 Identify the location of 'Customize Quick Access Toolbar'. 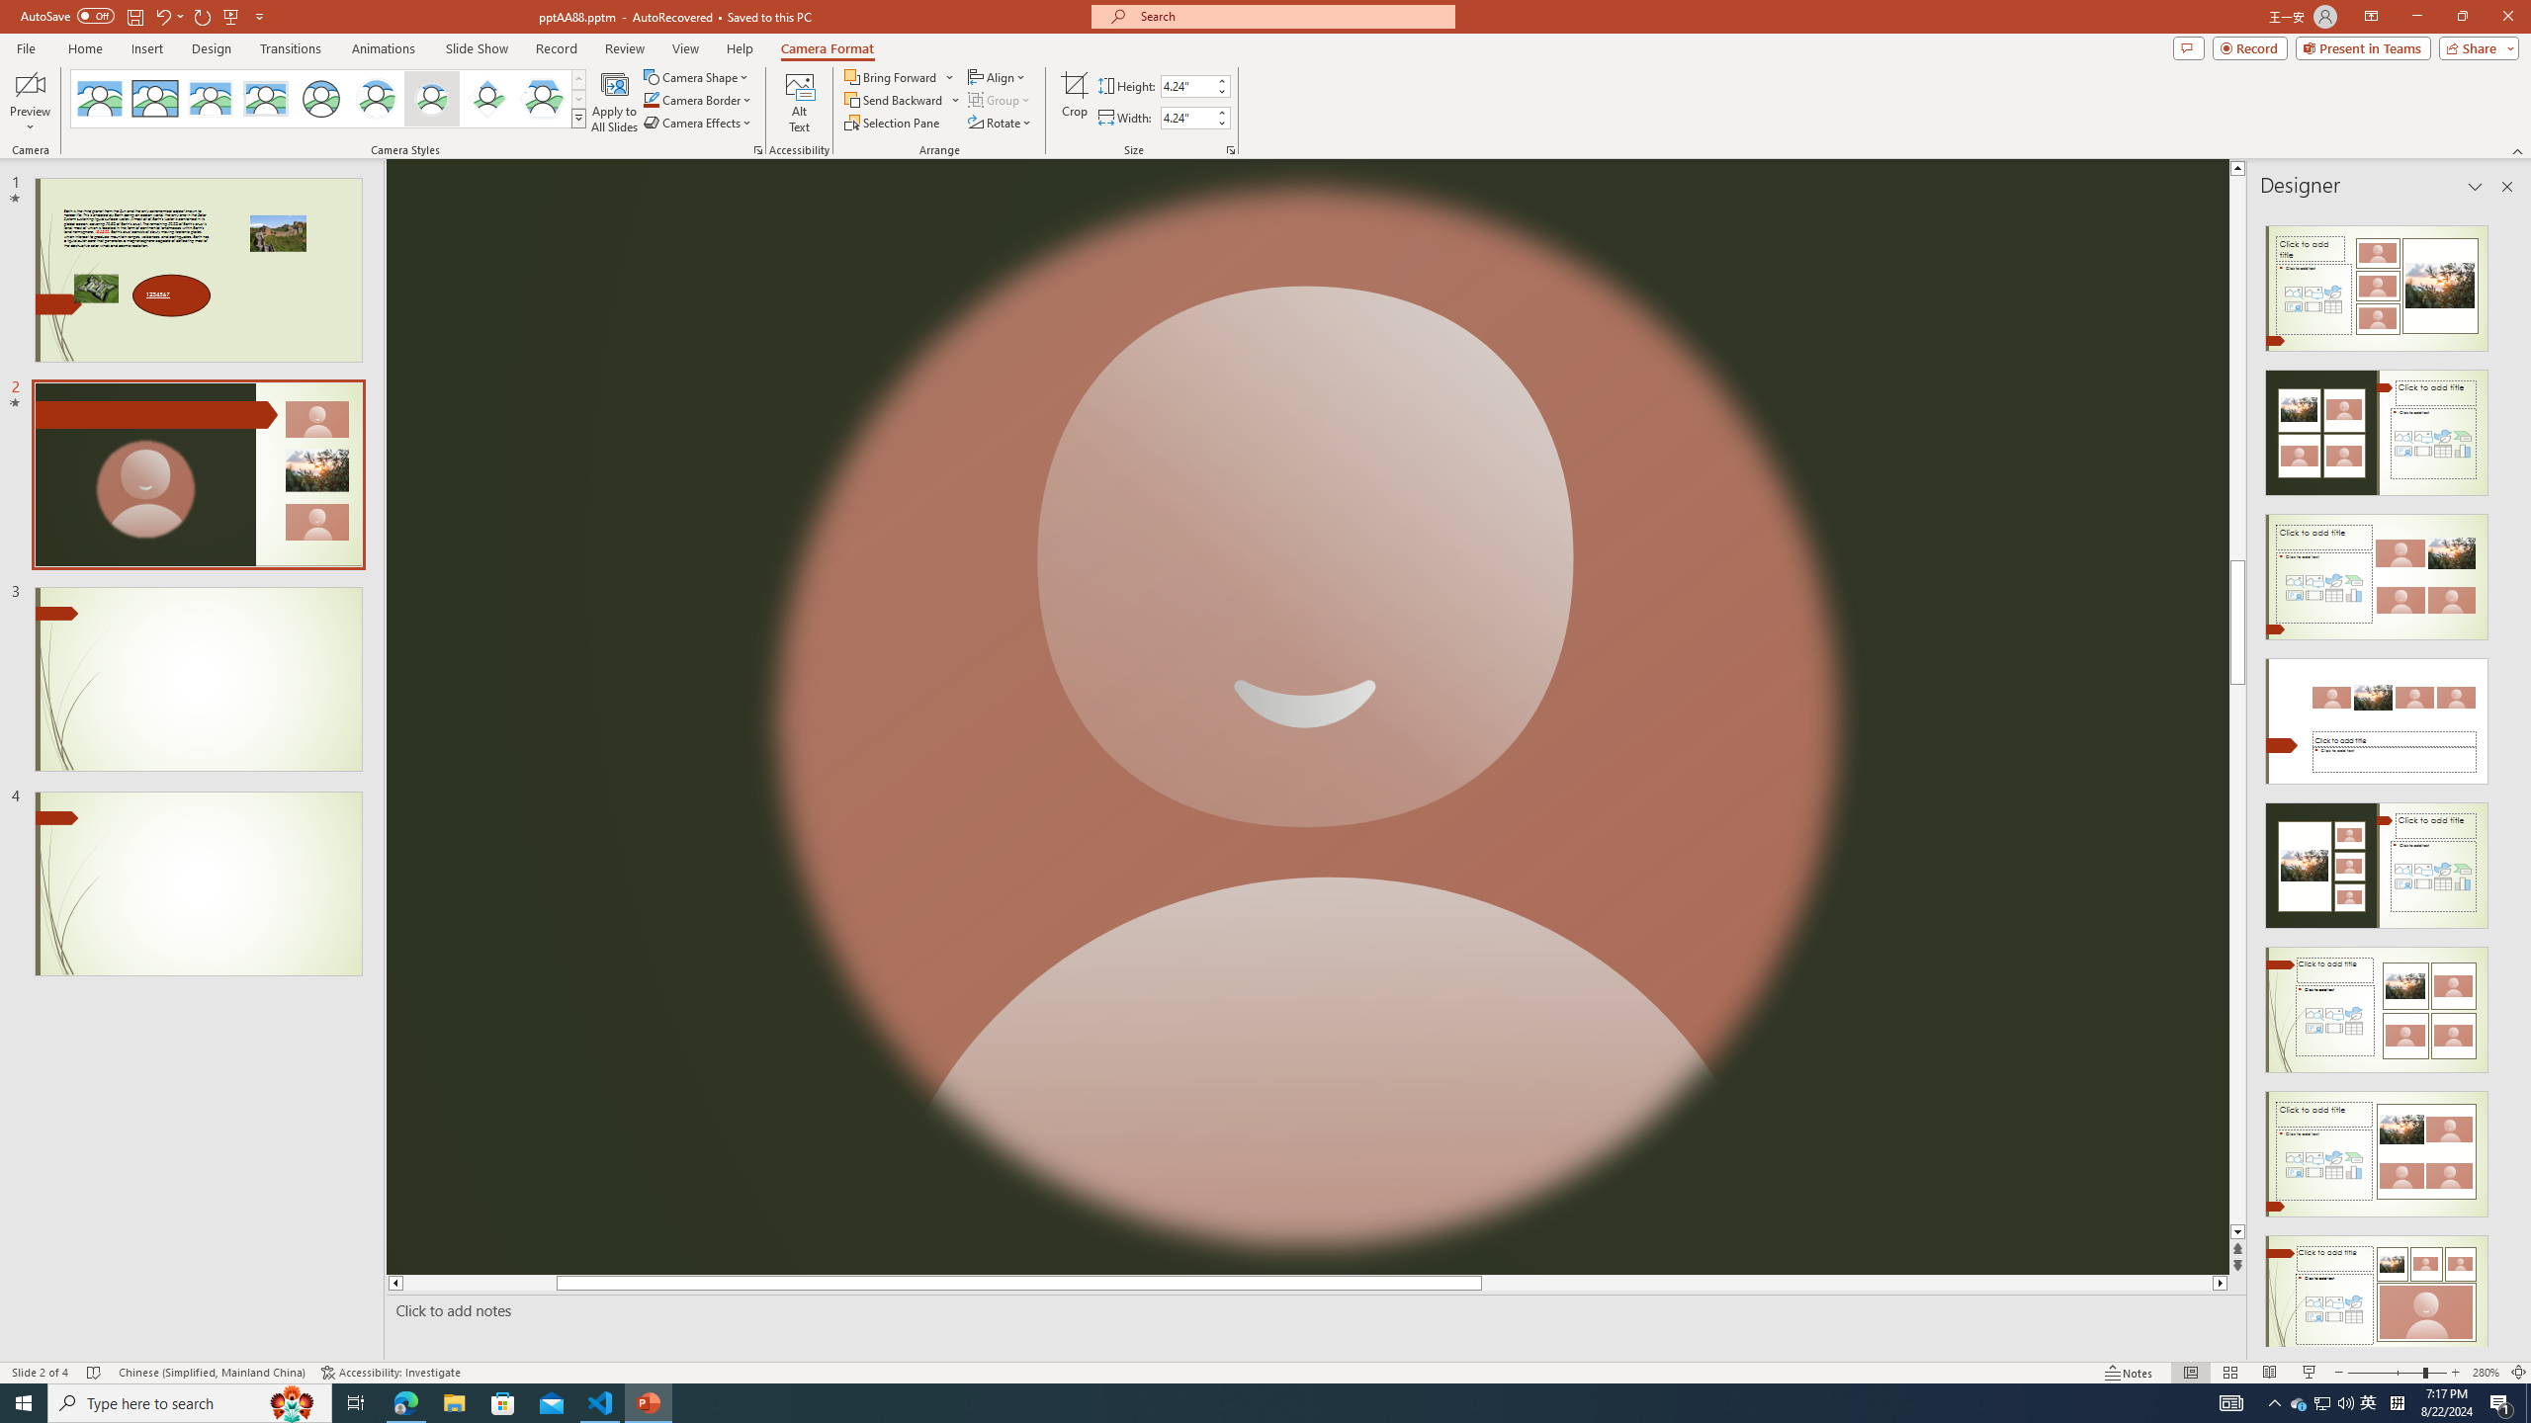
(258, 15).